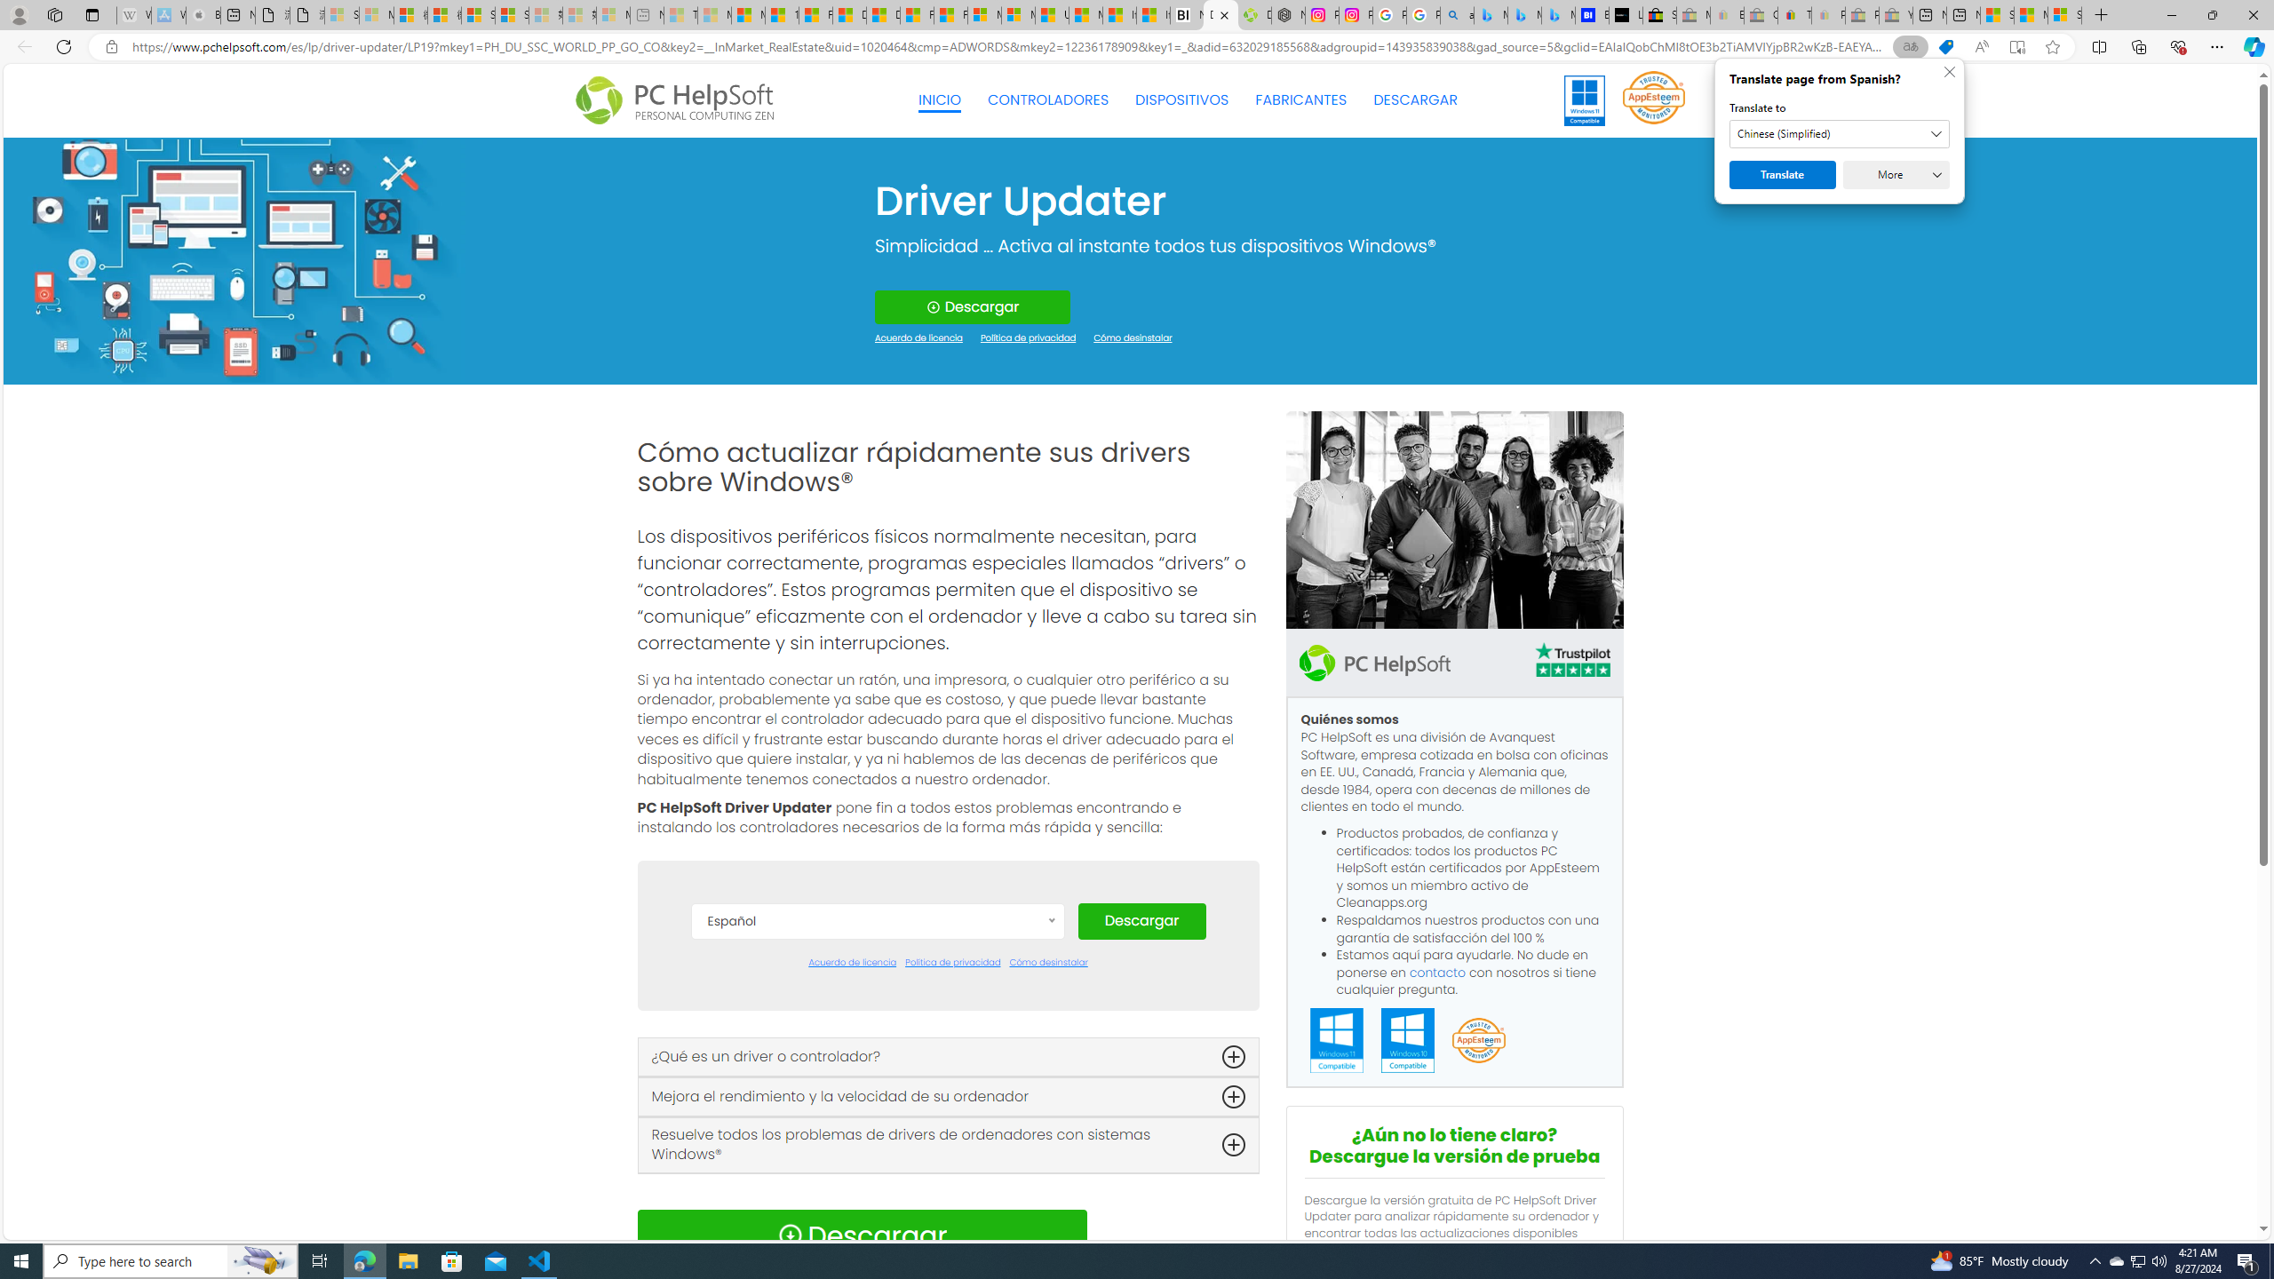 The image size is (2274, 1279). I want to click on 'Descarga Driver Updater', so click(1252, 14).